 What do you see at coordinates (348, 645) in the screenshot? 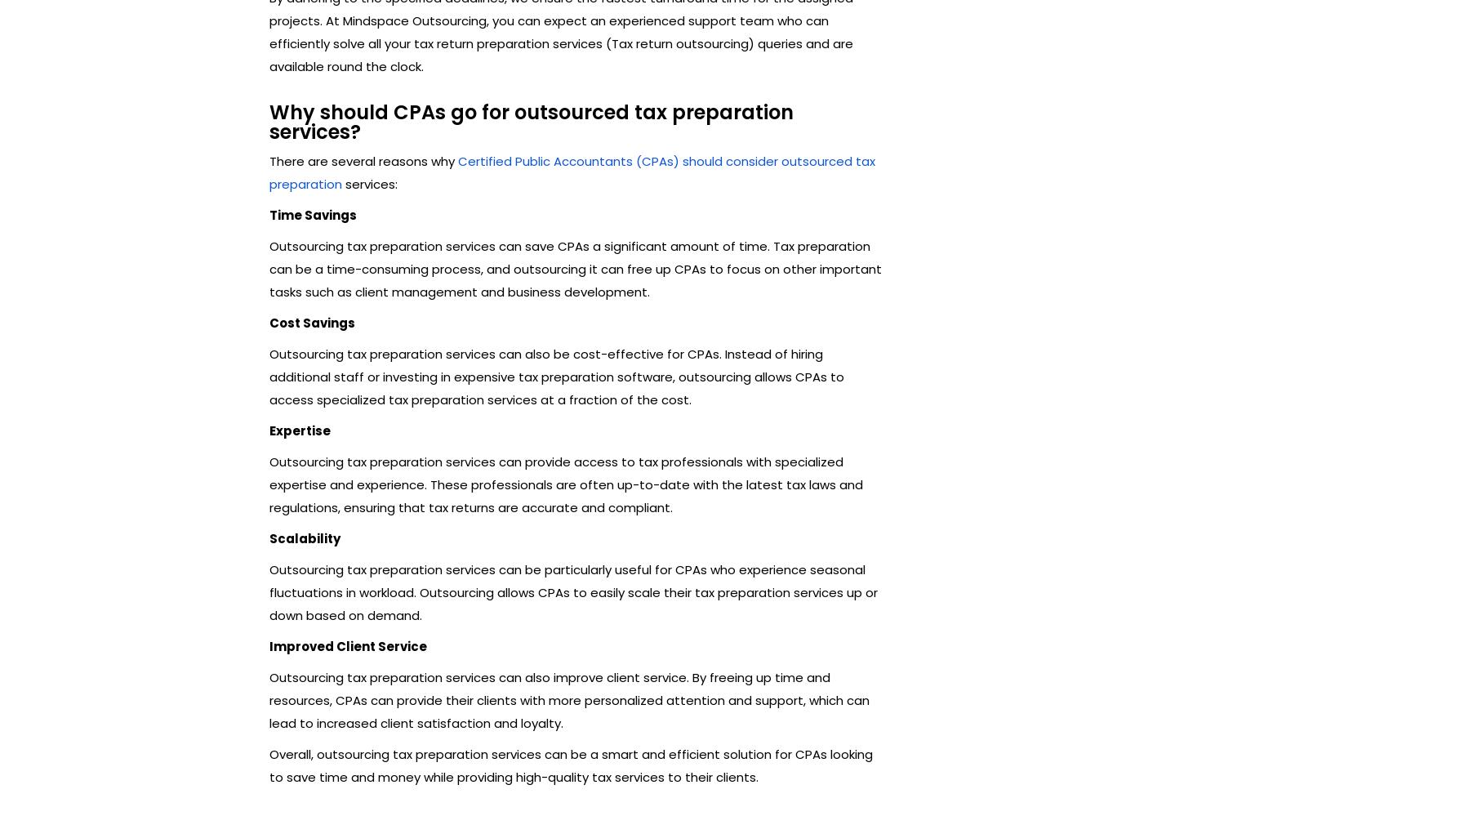
I see `'Improved Client Service'` at bounding box center [348, 645].